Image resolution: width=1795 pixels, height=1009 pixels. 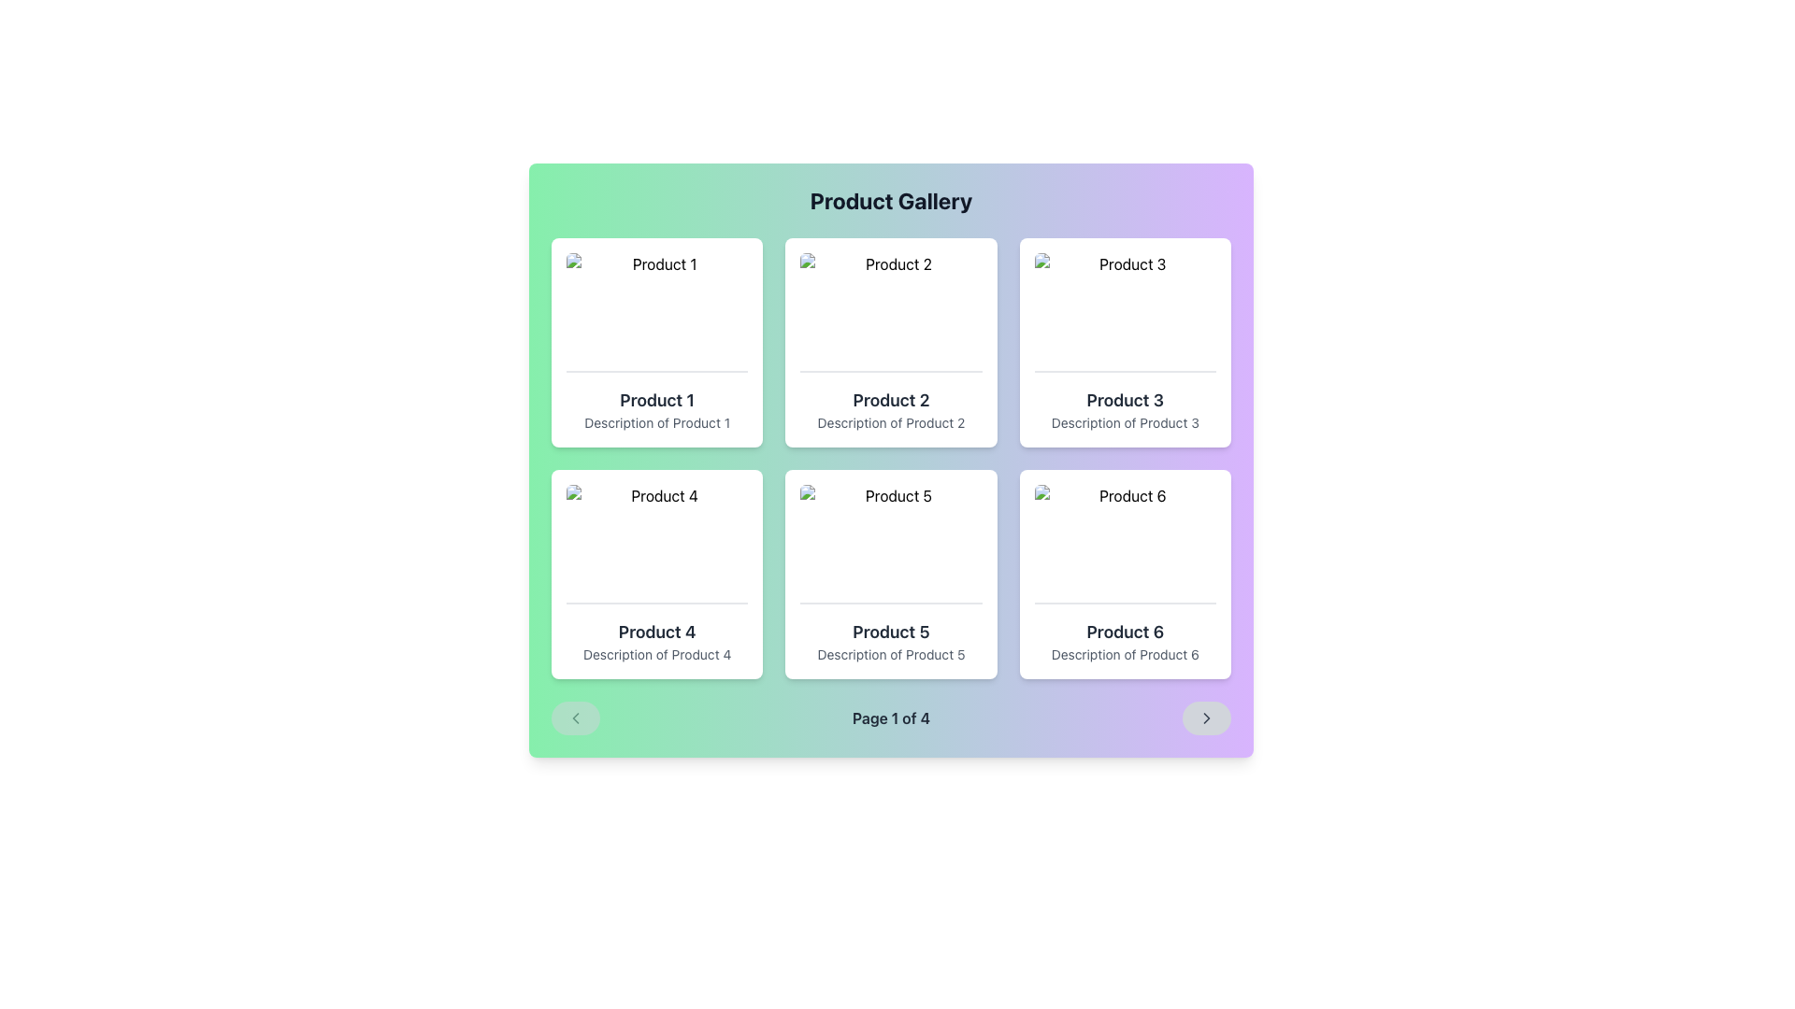 I want to click on the product image placeholder located in the upper section of the card in the second row and first column of the grid layout, so click(x=657, y=544).